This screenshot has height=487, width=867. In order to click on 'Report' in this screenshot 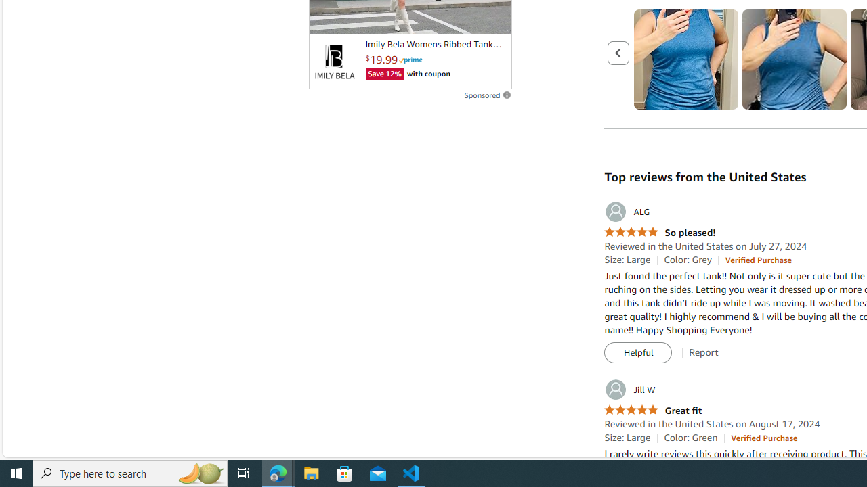, I will do `click(704, 352)`.